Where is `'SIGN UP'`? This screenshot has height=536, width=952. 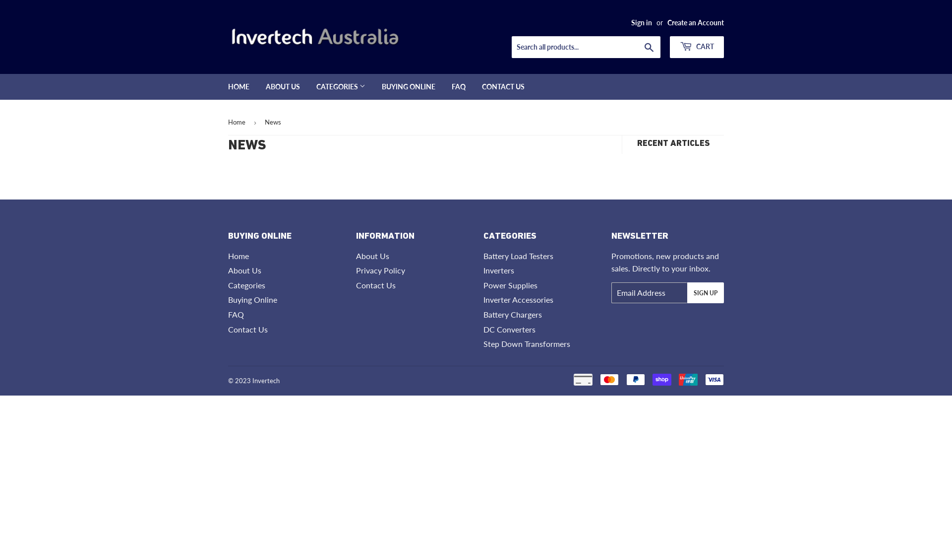 'SIGN UP' is located at coordinates (705, 292).